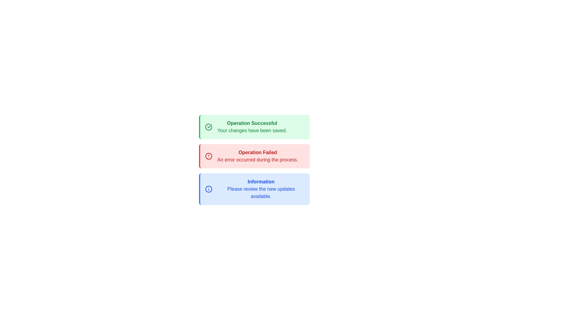  I want to click on information text block that has the heading 'Information' in bold and secondary text 'Please review the new updates available.' styled in blue, so click(261, 189).